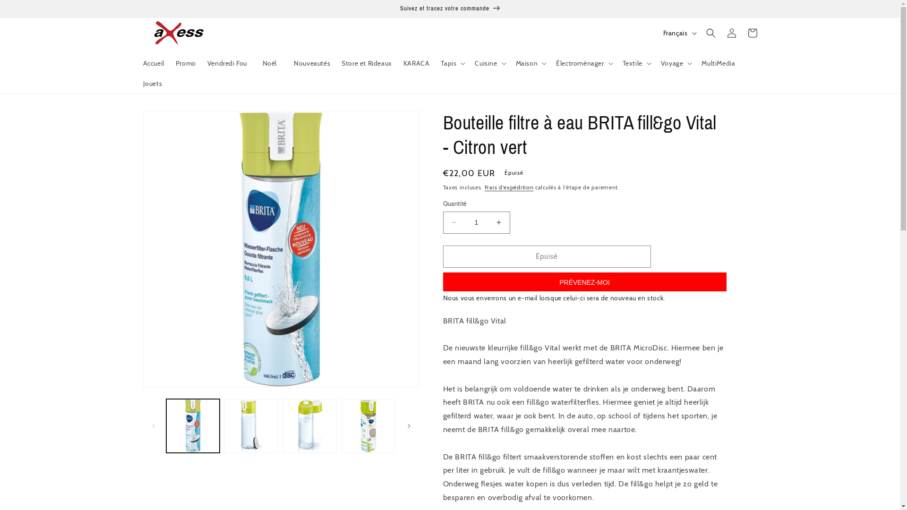 The width and height of the screenshot is (907, 510). Describe the element at coordinates (153, 63) in the screenshot. I see `'Accueil'` at that location.